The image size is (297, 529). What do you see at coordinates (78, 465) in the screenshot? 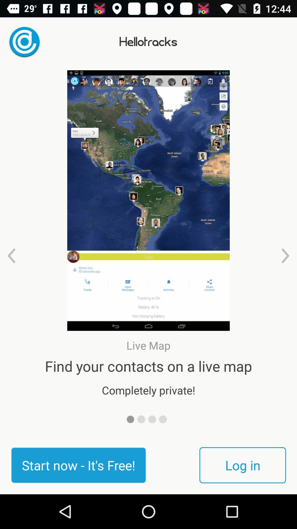
I see `the start now it at the bottom left corner` at bounding box center [78, 465].